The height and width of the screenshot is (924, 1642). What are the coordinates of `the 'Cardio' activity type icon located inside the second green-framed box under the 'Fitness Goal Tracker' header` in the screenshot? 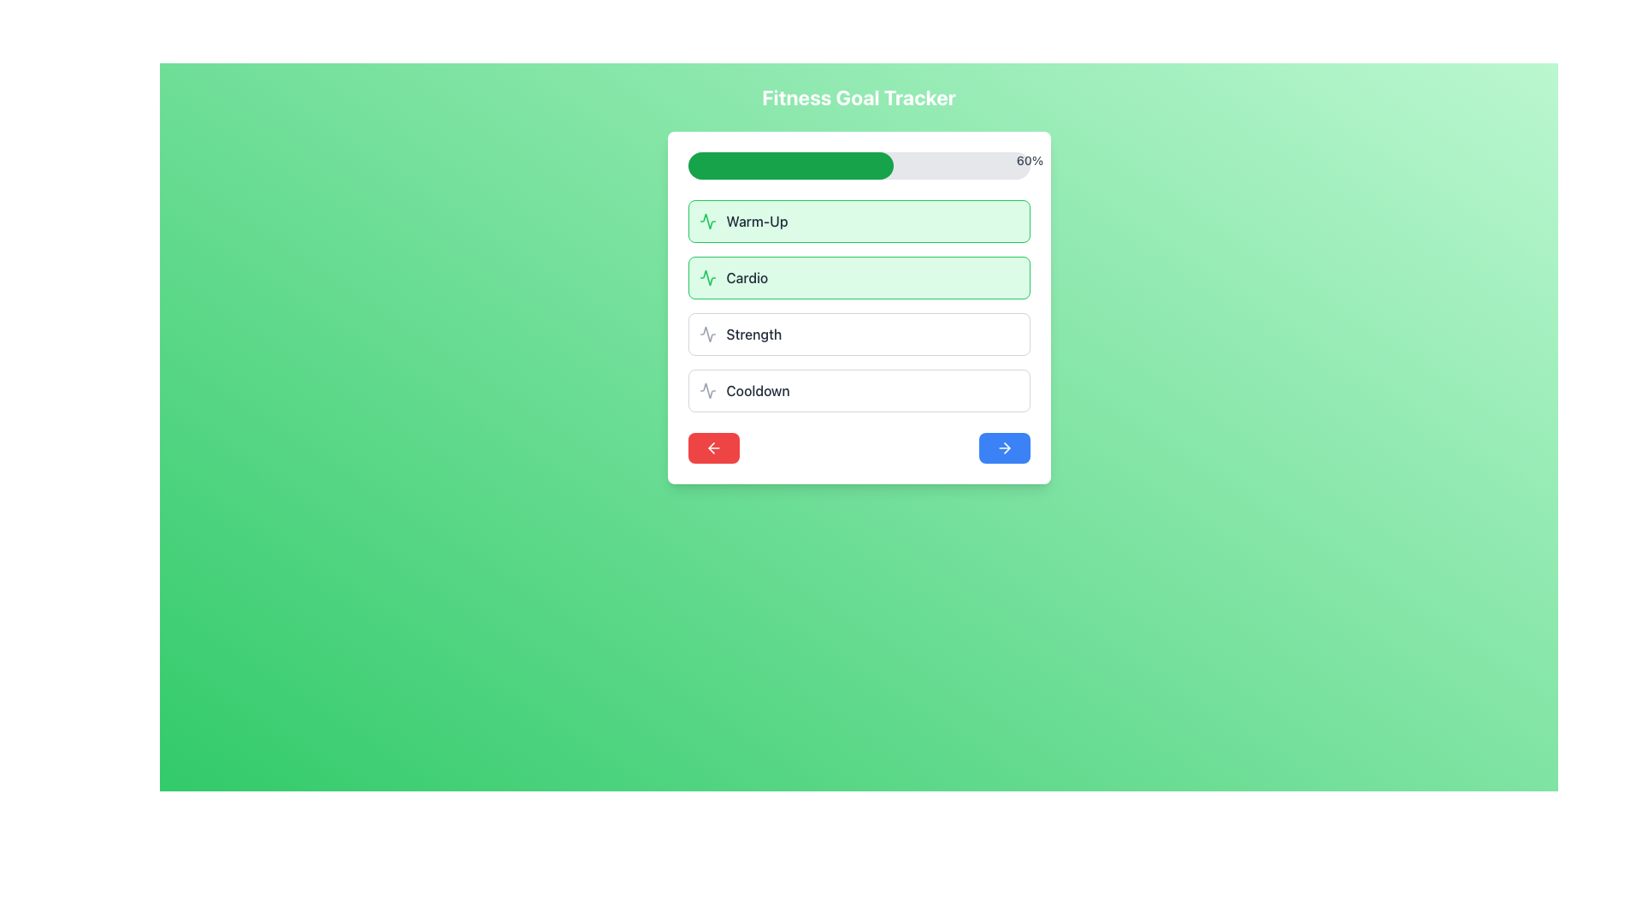 It's located at (707, 276).